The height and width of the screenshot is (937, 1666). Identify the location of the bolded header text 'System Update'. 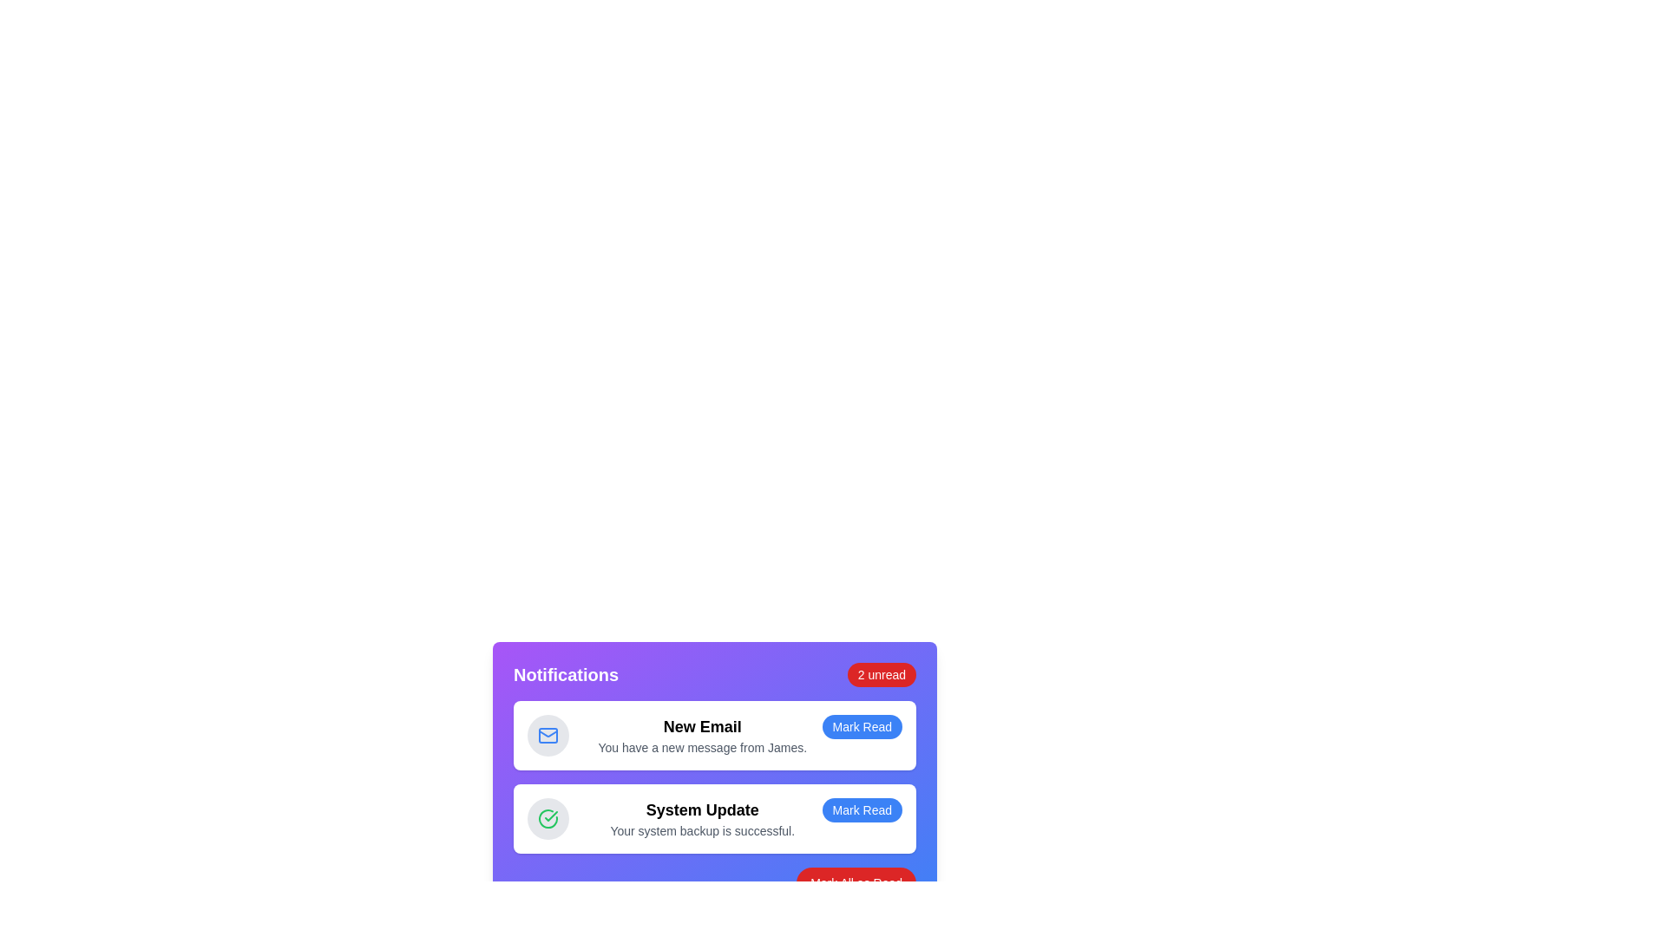
(702, 809).